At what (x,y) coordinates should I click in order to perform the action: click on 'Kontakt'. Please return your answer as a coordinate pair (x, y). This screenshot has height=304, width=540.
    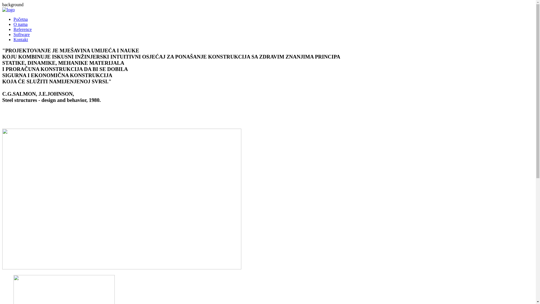
    Looking at the image, I should click on (21, 39).